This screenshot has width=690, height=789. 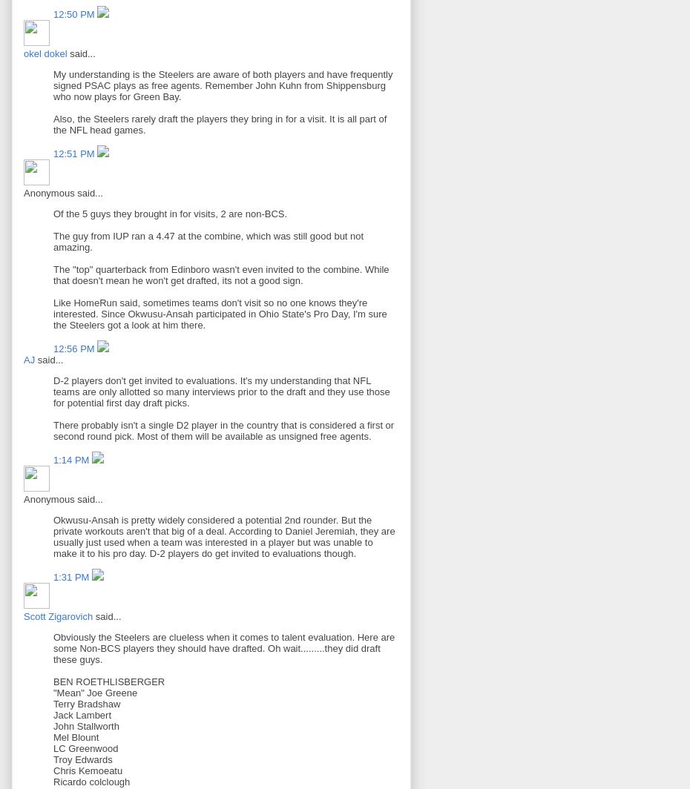 I want to click on '"Mean" Joe Greene', so click(x=95, y=693).